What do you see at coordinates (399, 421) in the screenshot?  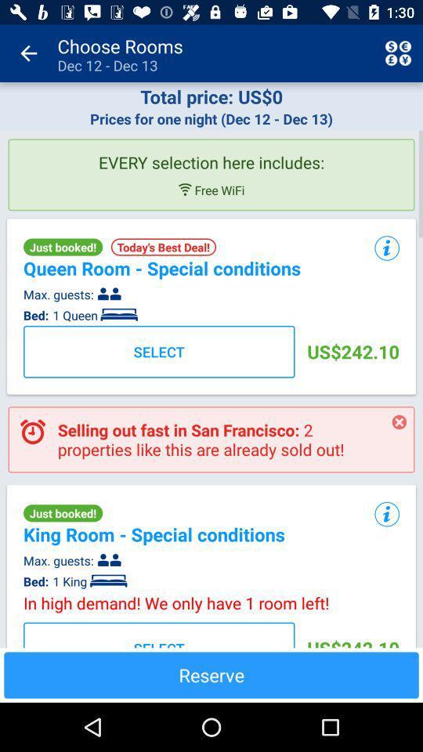 I see `item next to selling out fast icon` at bounding box center [399, 421].